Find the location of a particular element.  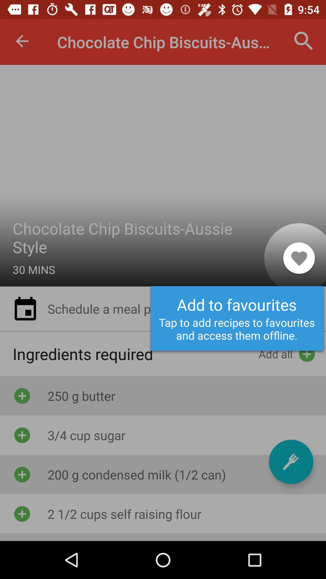

the edit icon is located at coordinates (291, 461).